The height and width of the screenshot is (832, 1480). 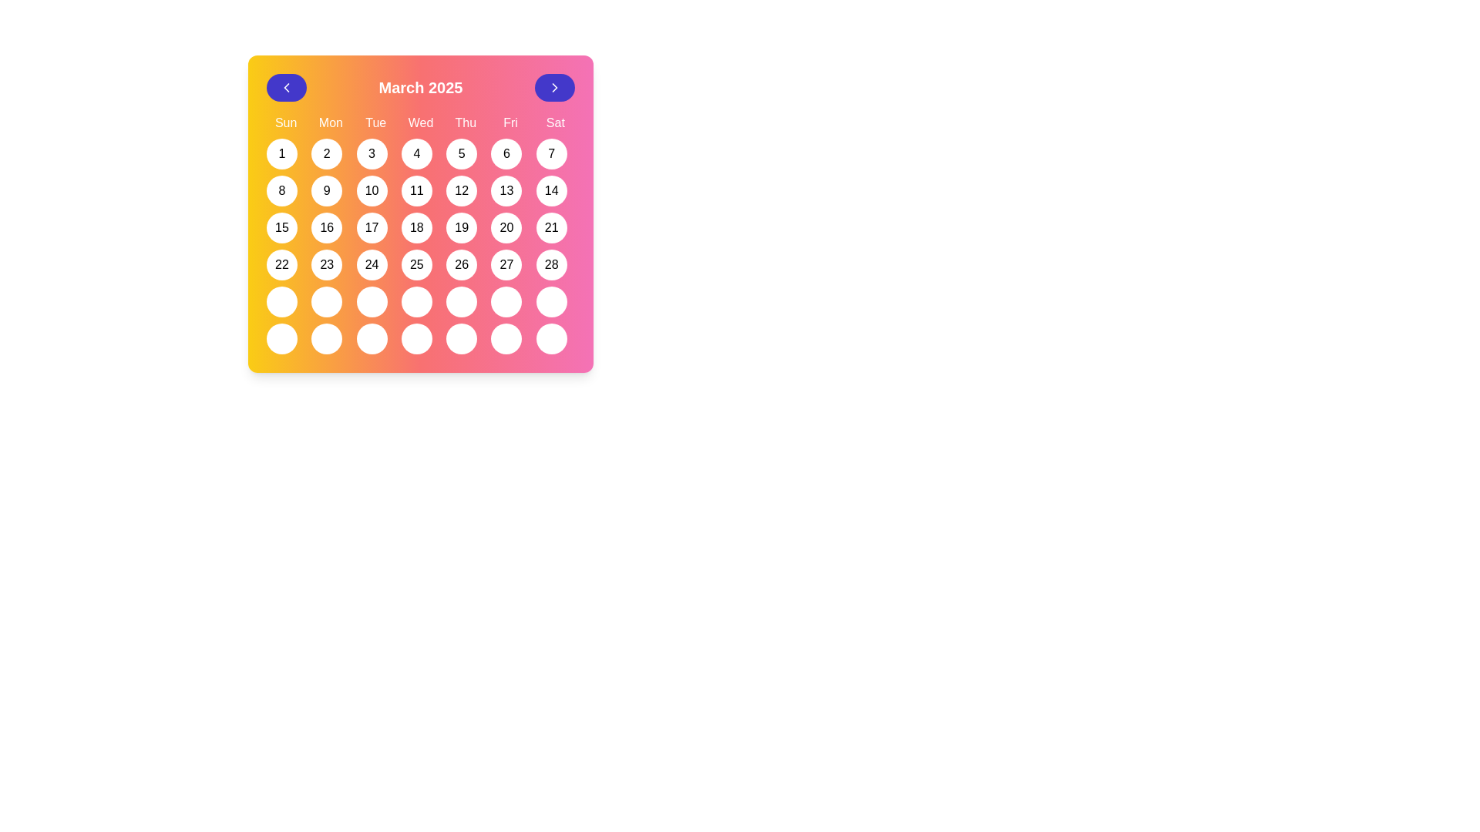 What do you see at coordinates (326, 154) in the screenshot?
I see `the circular button with a white background and the number '2' in black` at bounding box center [326, 154].